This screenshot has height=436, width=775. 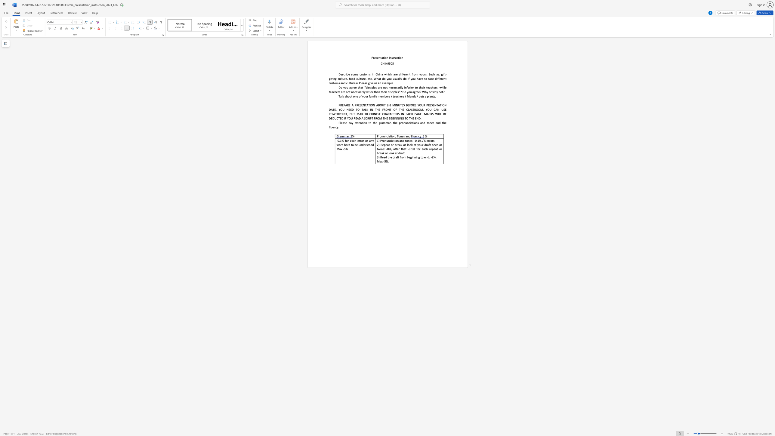 What do you see at coordinates (437, 122) in the screenshot?
I see `the 8th character "n" in the text` at bounding box center [437, 122].